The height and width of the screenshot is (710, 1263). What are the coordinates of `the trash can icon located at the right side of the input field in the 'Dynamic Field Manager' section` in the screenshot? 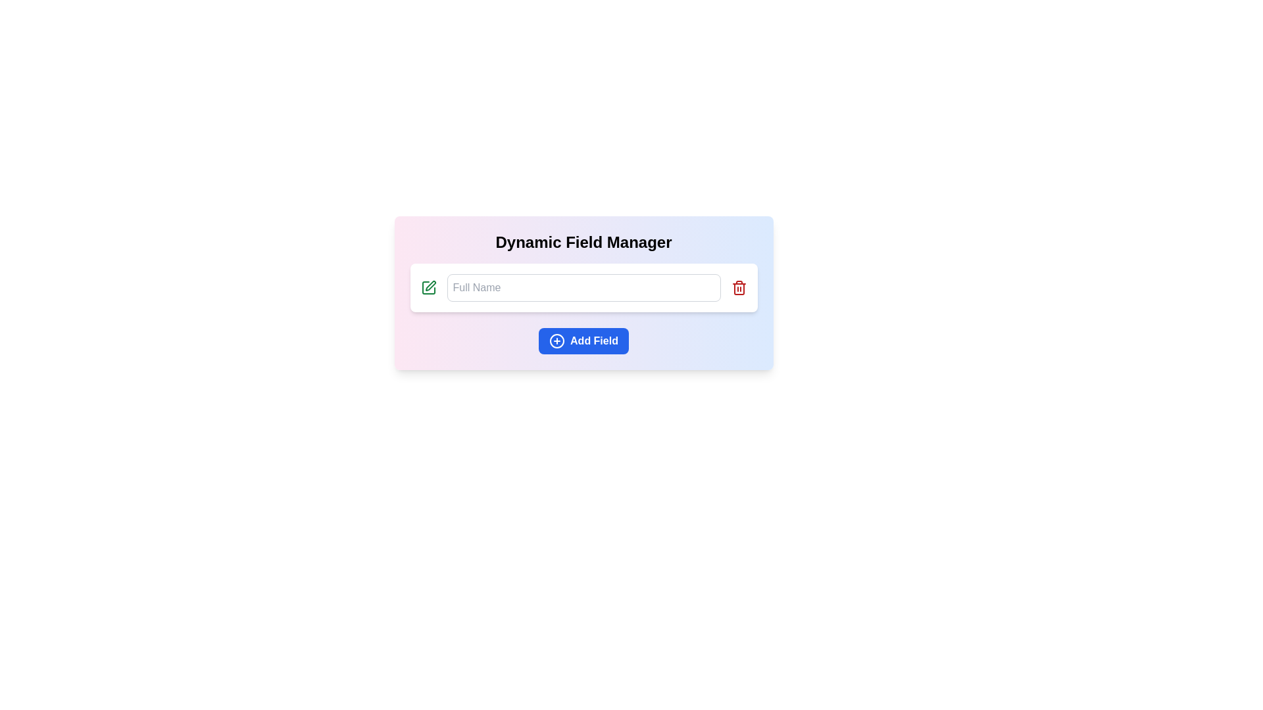 It's located at (739, 288).